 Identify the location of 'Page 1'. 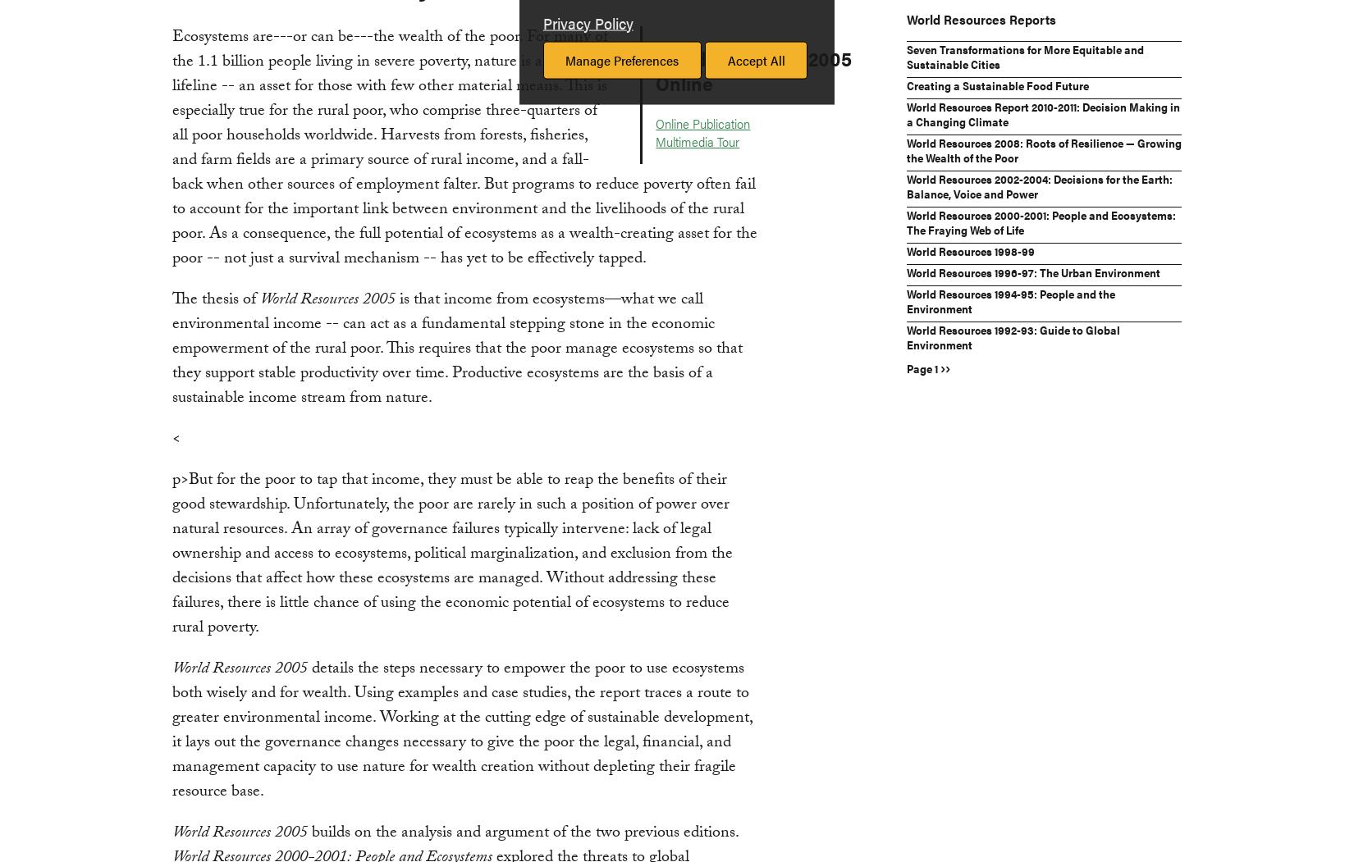
(922, 367).